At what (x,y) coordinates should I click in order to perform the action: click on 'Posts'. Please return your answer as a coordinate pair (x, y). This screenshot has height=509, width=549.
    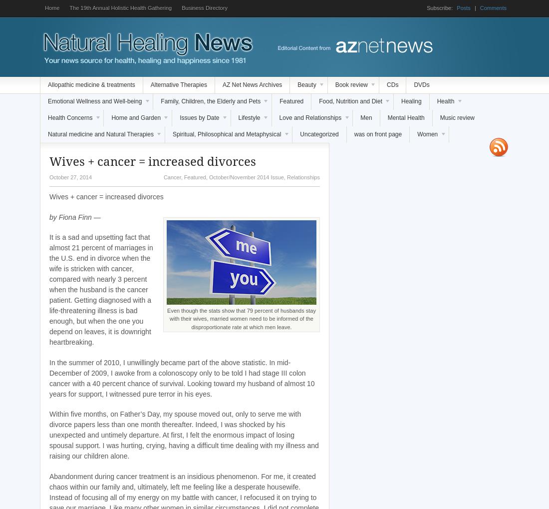
    Looking at the image, I should click on (463, 7).